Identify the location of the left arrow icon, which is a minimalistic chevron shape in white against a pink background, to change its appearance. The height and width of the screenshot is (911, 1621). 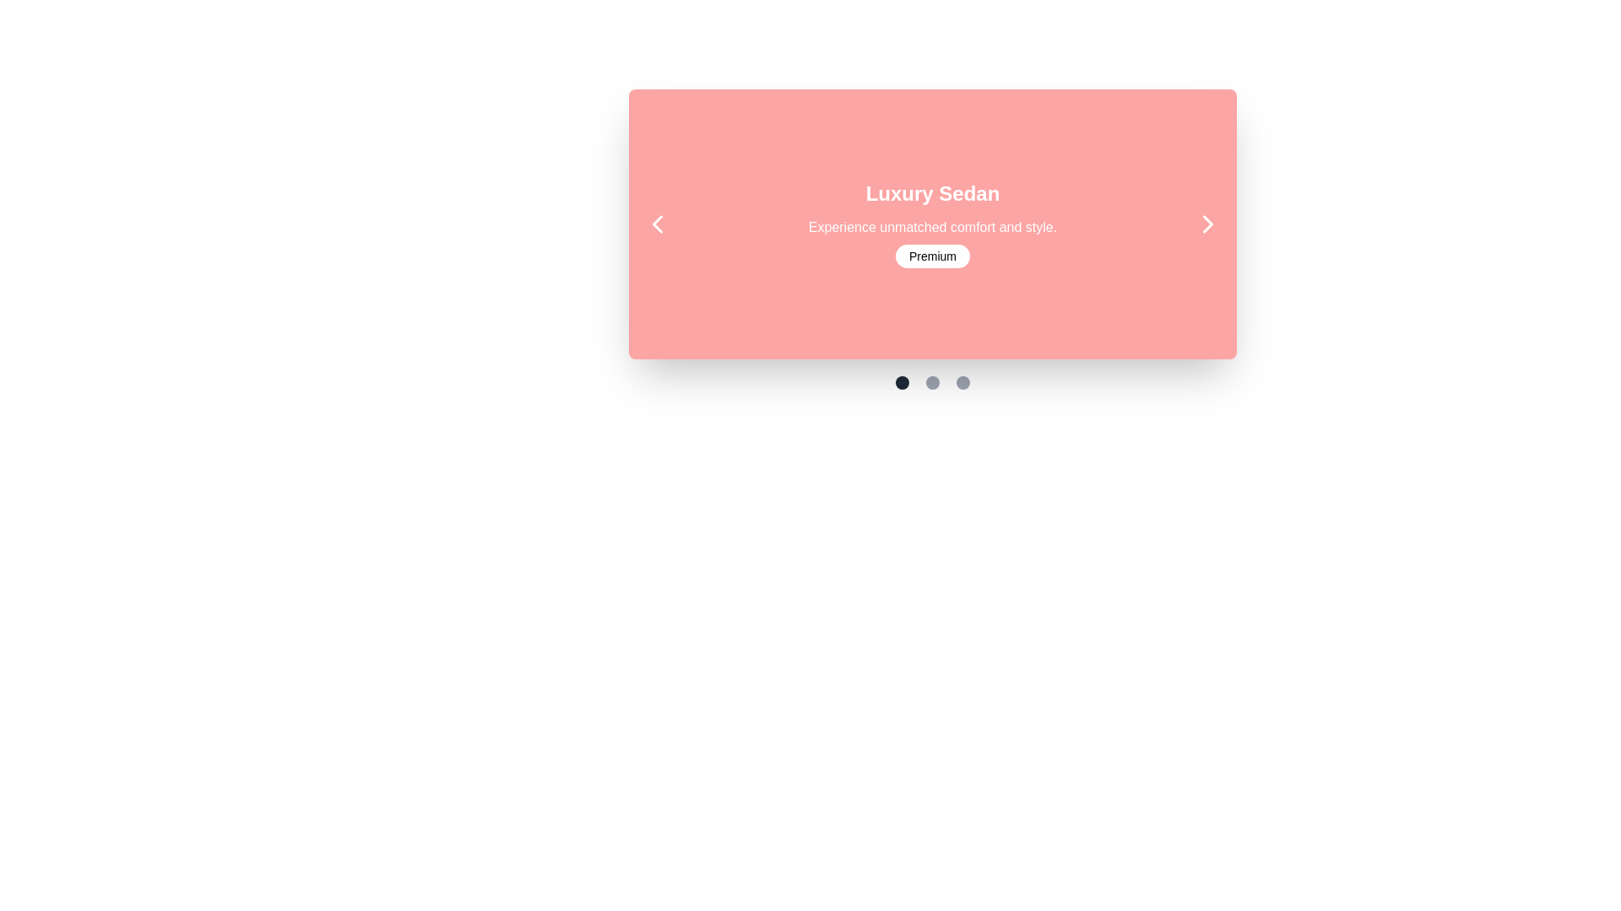
(656, 224).